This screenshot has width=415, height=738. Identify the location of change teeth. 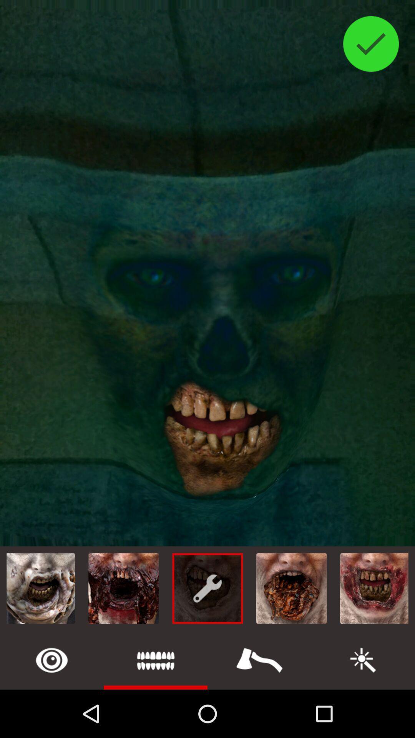
(156, 660).